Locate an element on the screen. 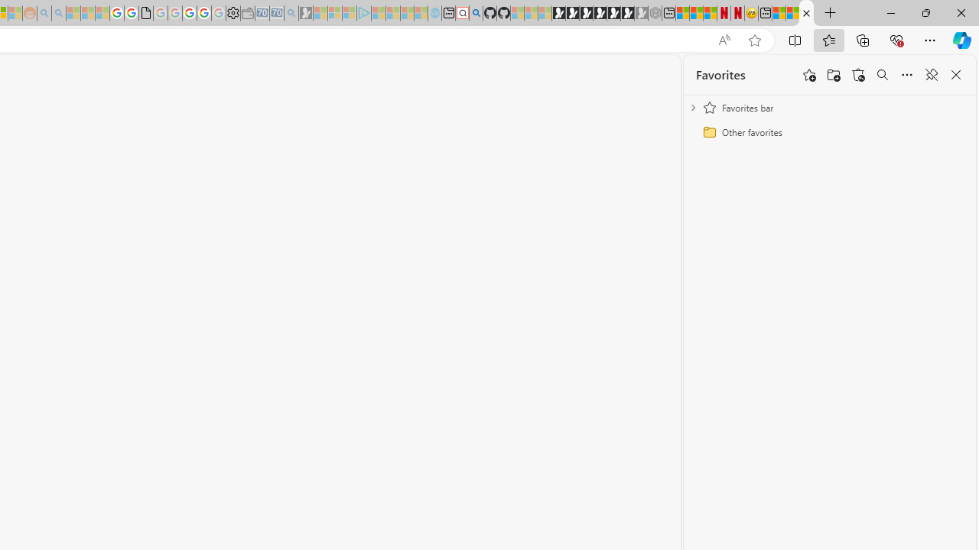 This screenshot has height=550, width=979. 'Play Free Online Games | Games from Microsoft Start' is located at coordinates (558, 13).